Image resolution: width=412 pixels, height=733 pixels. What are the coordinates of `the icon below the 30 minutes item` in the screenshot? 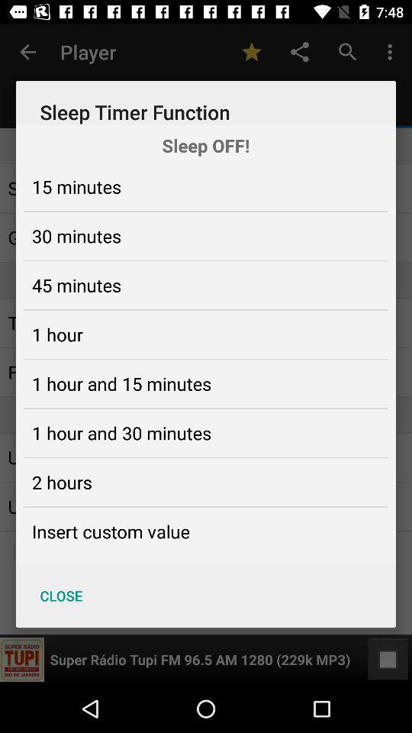 It's located at (76, 284).